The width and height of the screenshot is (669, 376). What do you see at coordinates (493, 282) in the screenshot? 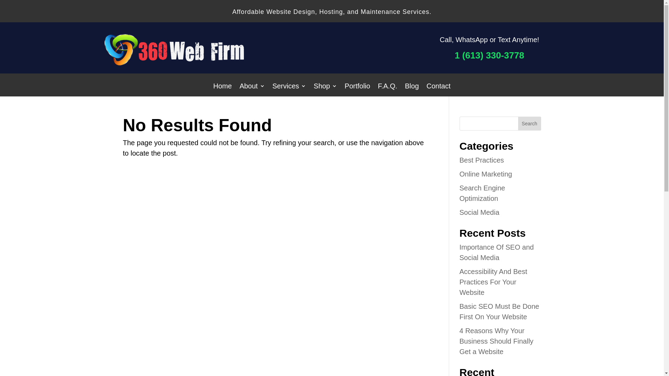
I see `'Accessibility And Best Practices For Your Website'` at bounding box center [493, 282].